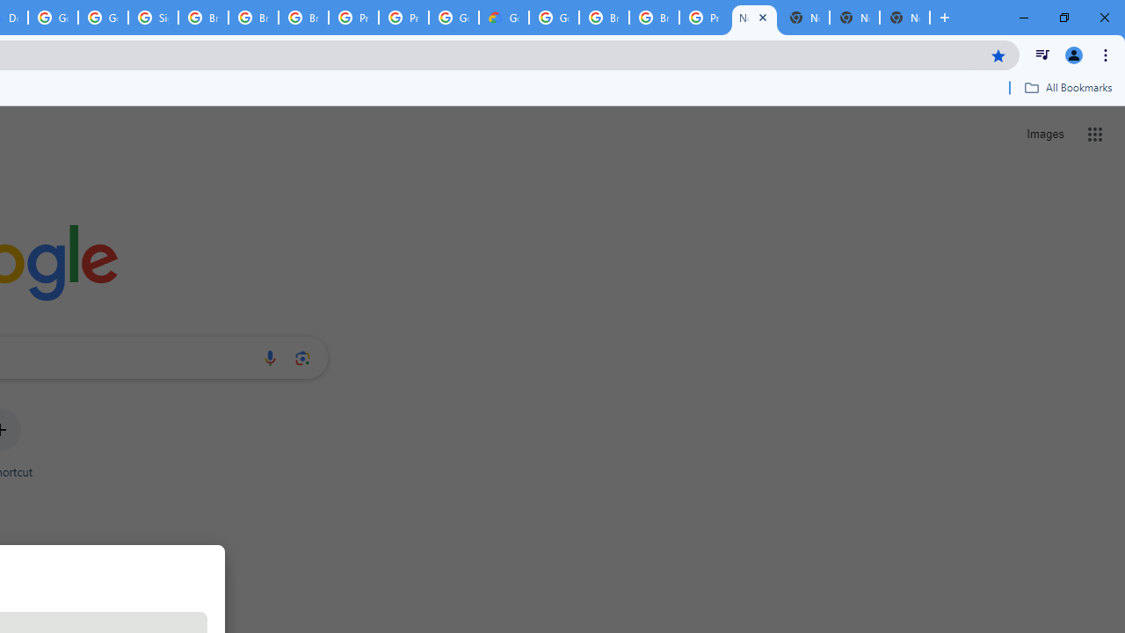  What do you see at coordinates (153, 18) in the screenshot?
I see `'Sign in - Google Accounts'` at bounding box center [153, 18].